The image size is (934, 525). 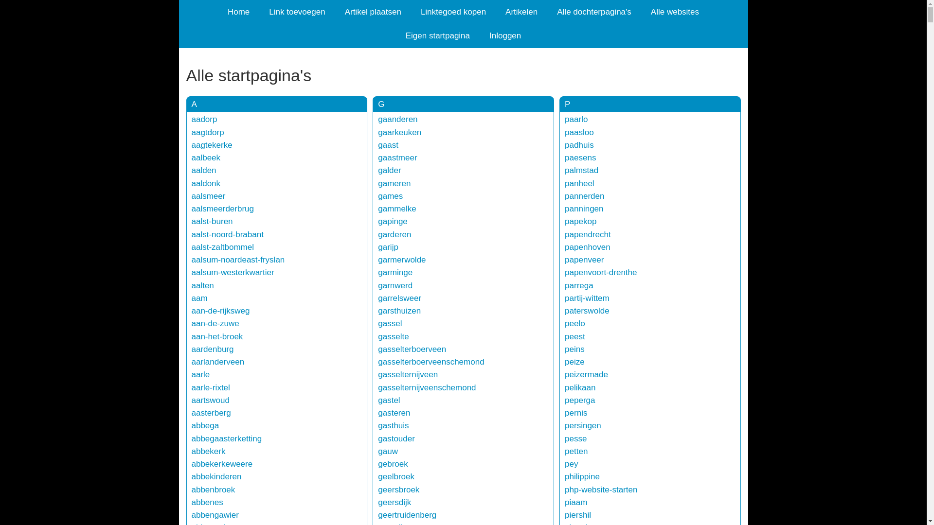 I want to click on 'garijp', so click(x=387, y=246).